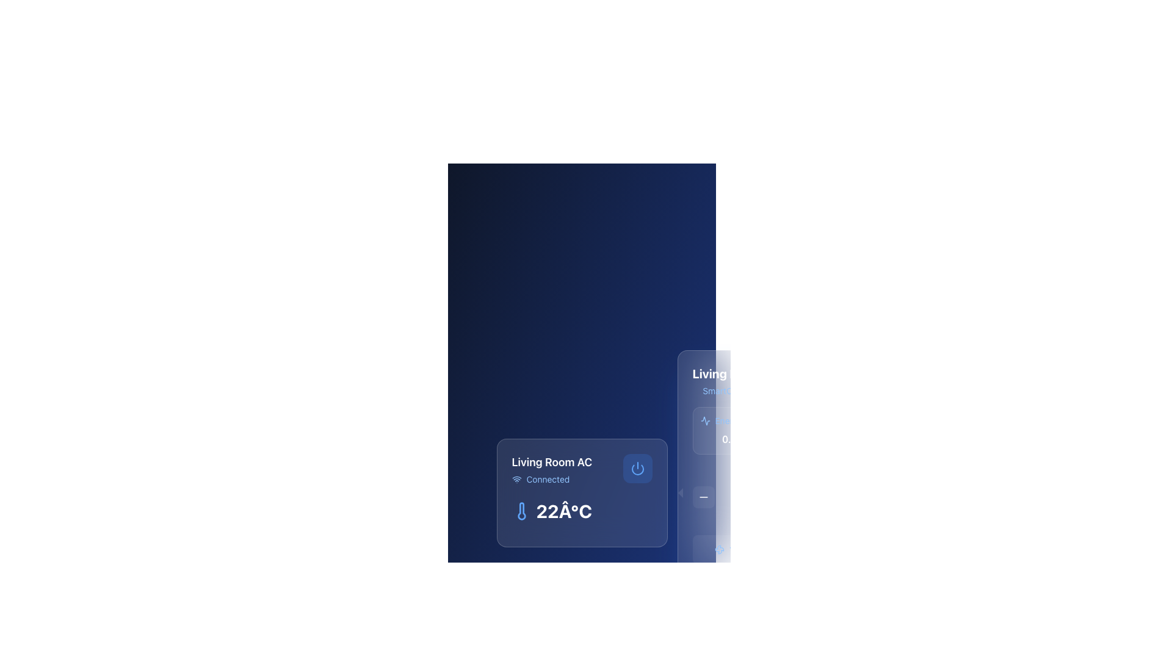 The height and width of the screenshot is (659, 1172). I want to click on the decrement button on the interactive control for temperature and fan speed settings, located centrally in the lower-right section of the interface, so click(793, 517).